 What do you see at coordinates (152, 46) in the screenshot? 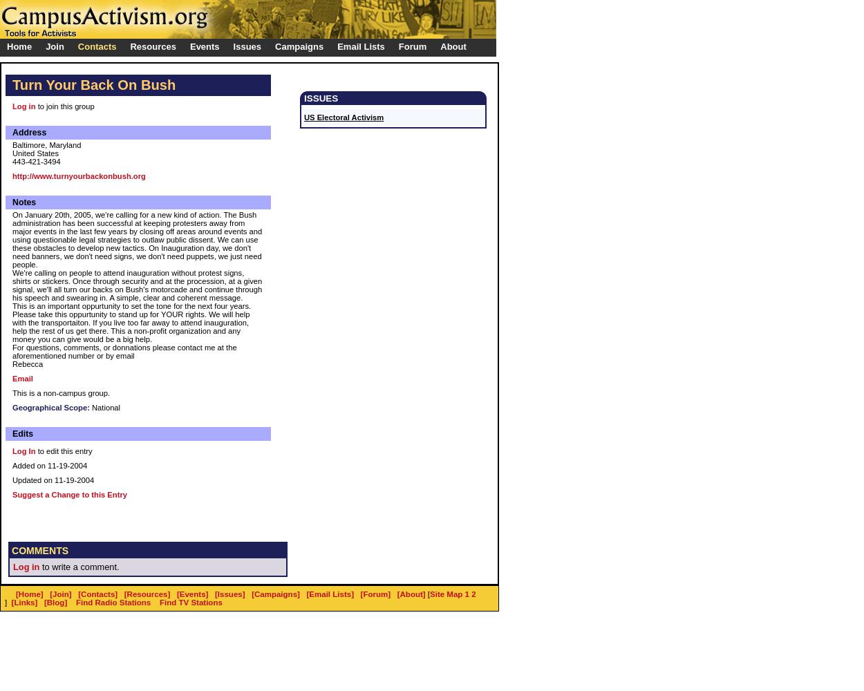
I see `'Resources'` at bounding box center [152, 46].